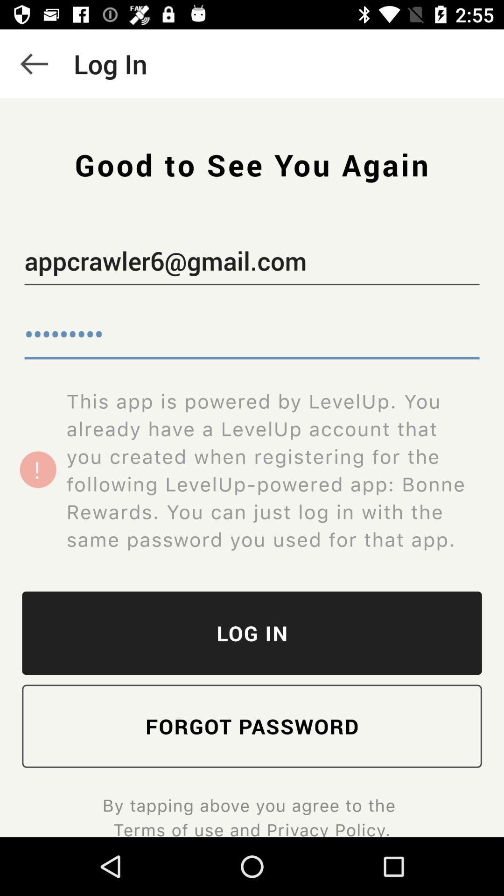  What do you see at coordinates (34, 63) in the screenshot?
I see `the app to the left of the log in icon` at bounding box center [34, 63].